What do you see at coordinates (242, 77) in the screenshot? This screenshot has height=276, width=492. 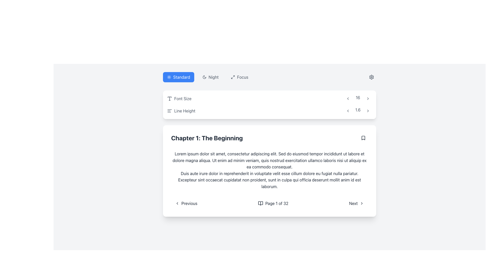 I see `the 'Focus' text label located in the upper-right corner of the interface, next to the icons for toggling night mode or standard mode` at bounding box center [242, 77].